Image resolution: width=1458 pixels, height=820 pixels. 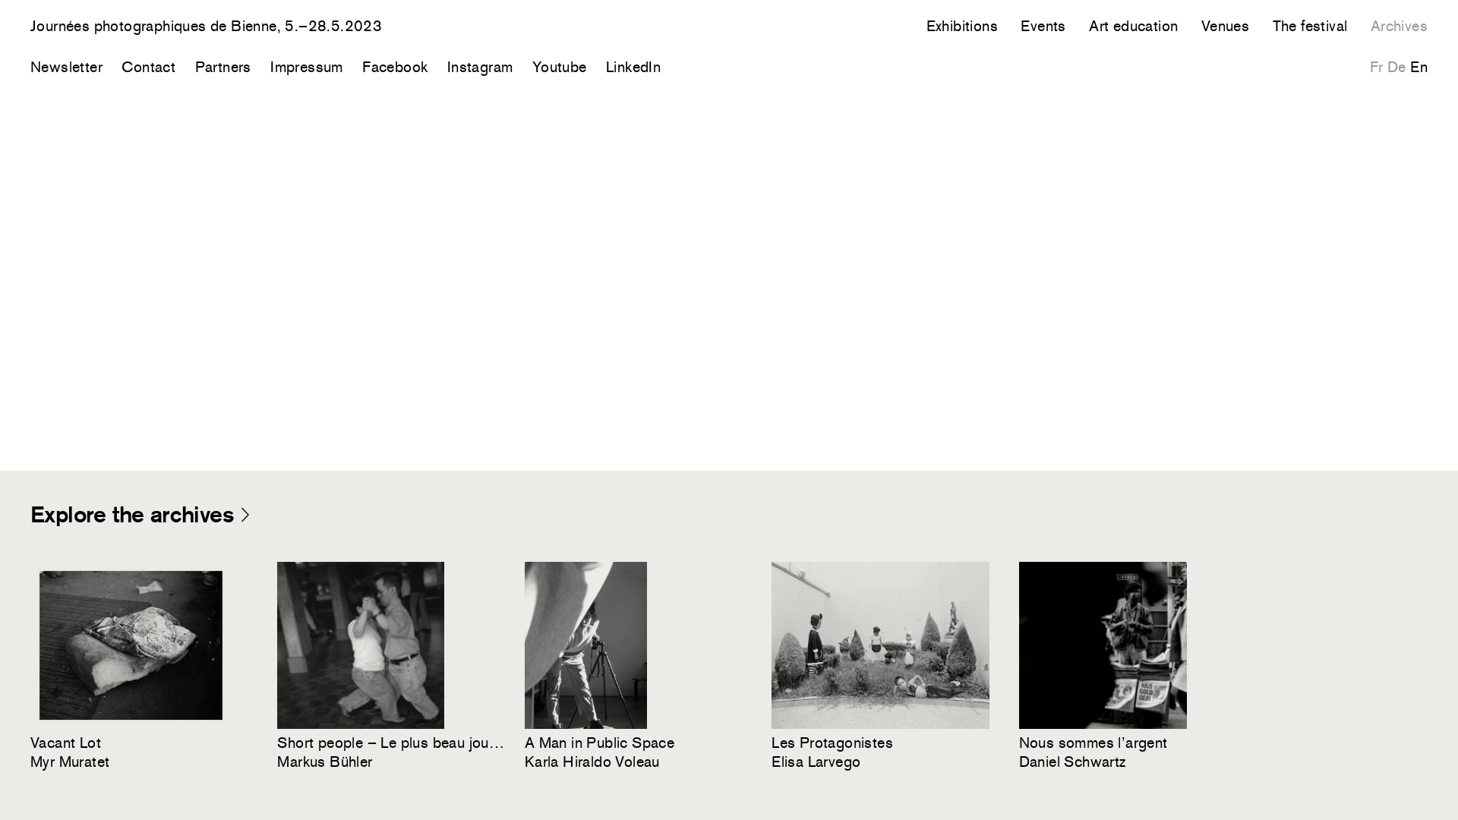 I want to click on 'Partners', so click(x=222, y=66).